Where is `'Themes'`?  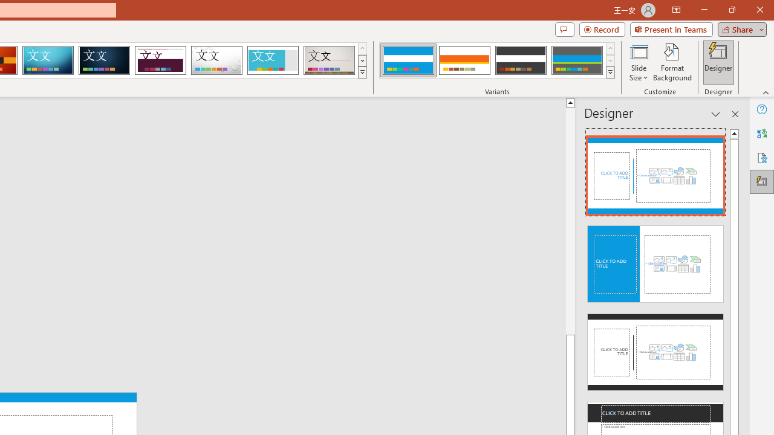 'Themes' is located at coordinates (362, 72).